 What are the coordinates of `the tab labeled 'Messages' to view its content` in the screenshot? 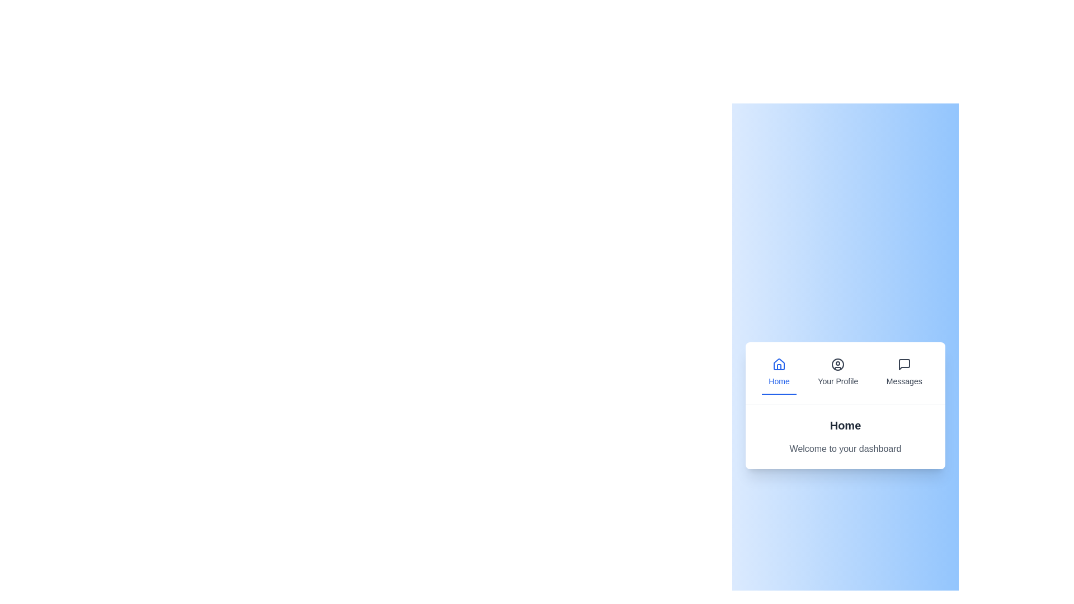 It's located at (904, 372).